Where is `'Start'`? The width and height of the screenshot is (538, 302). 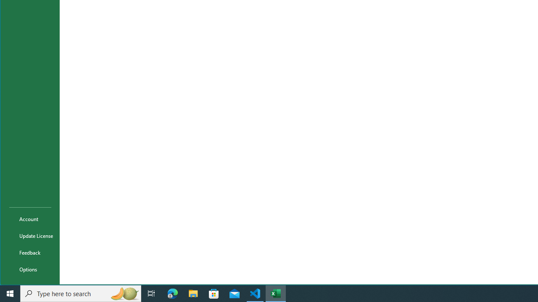 'Start' is located at coordinates (10, 293).